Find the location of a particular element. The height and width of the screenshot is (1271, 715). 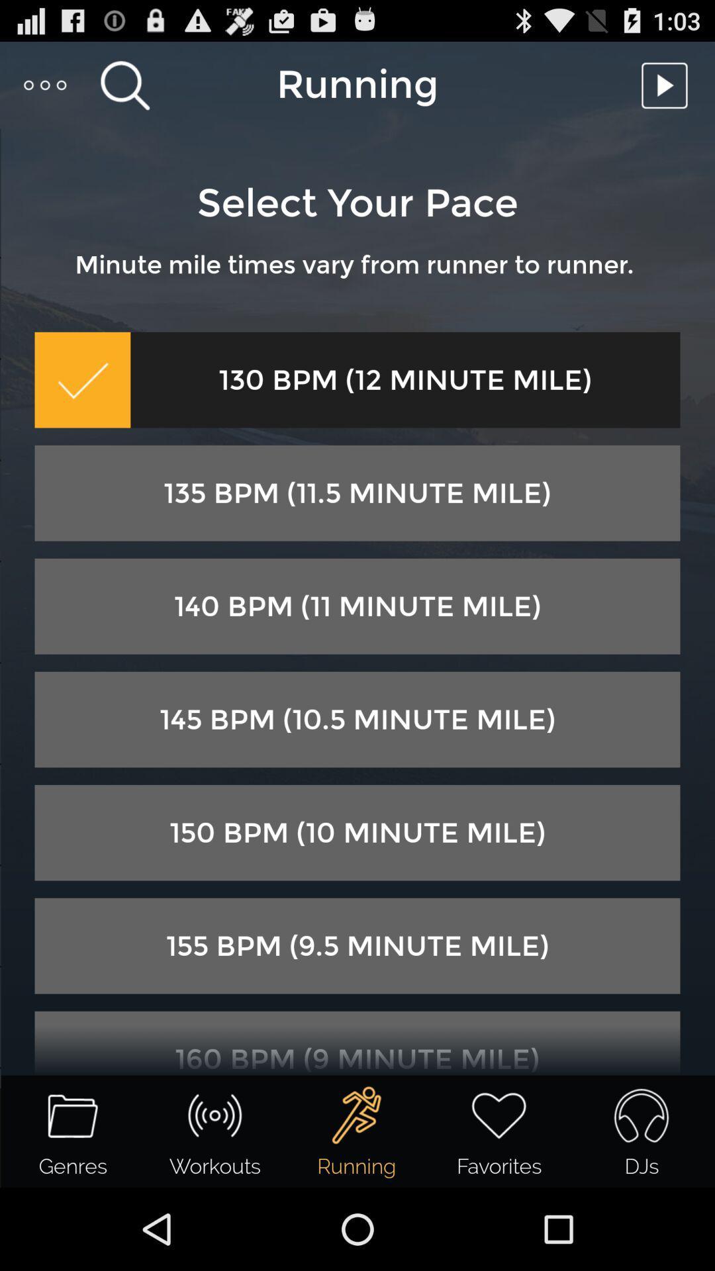

the more icon is located at coordinates (45, 90).